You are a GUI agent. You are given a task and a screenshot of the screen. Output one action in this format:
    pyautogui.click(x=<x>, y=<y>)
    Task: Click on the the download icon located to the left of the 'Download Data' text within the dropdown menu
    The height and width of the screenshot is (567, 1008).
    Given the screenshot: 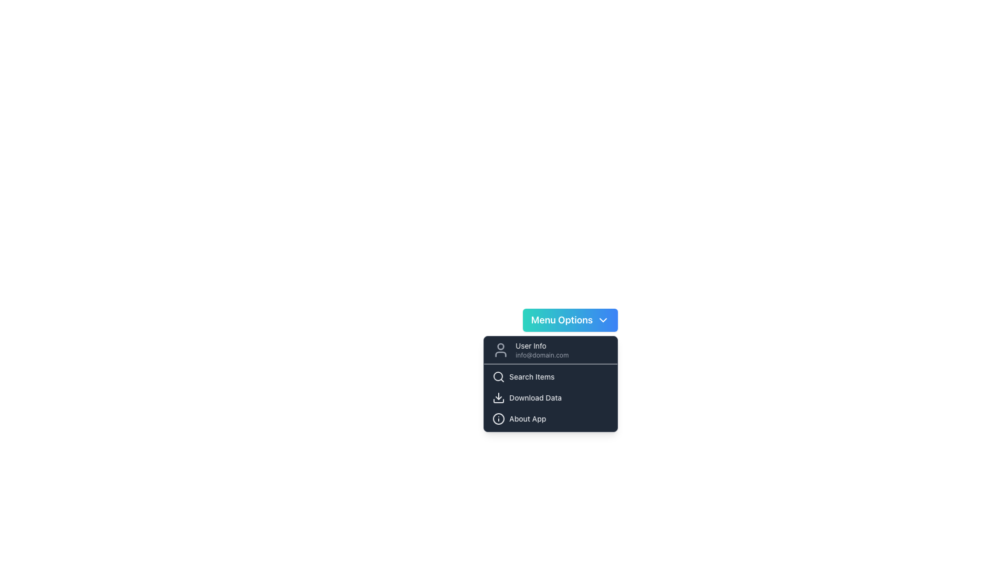 What is the action you would take?
    pyautogui.click(x=498, y=398)
    